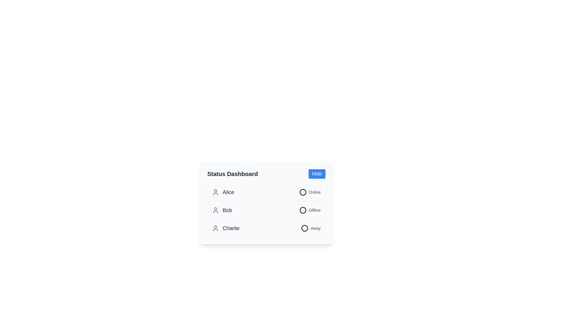 Image resolution: width=567 pixels, height=319 pixels. I want to click on the static text label that displays 'Offline', styled in gray color, located to the right of the status icon within the 'Status Dashboard' for user 'Bob', so click(314, 210).